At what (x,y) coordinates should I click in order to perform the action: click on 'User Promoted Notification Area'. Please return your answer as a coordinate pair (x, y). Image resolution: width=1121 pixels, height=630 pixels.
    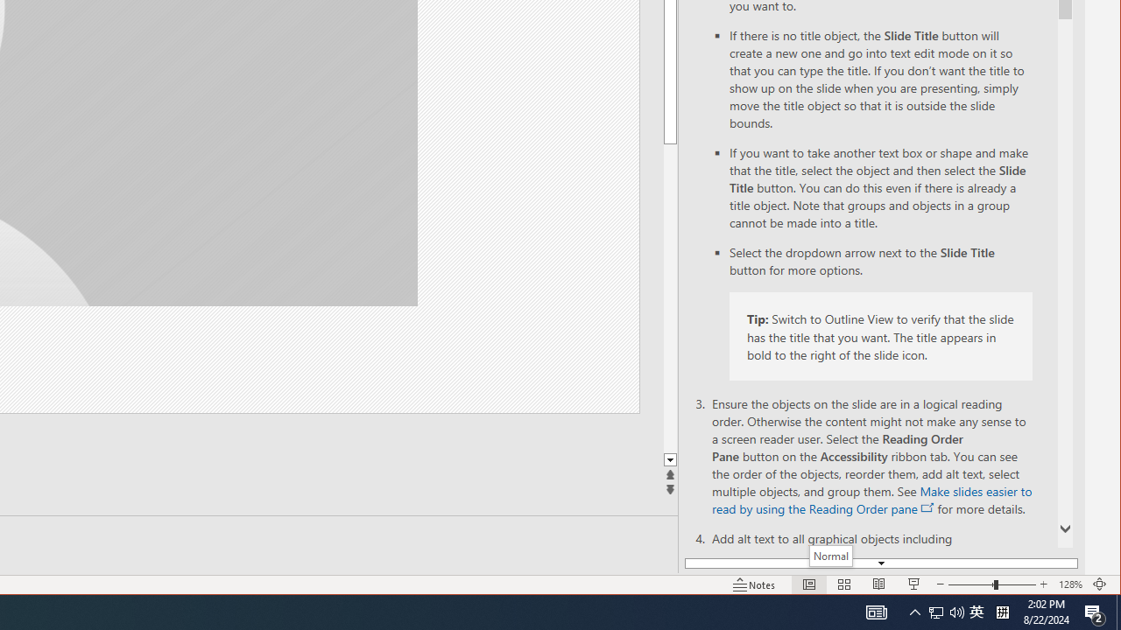
    Looking at the image, I should click on (945, 611).